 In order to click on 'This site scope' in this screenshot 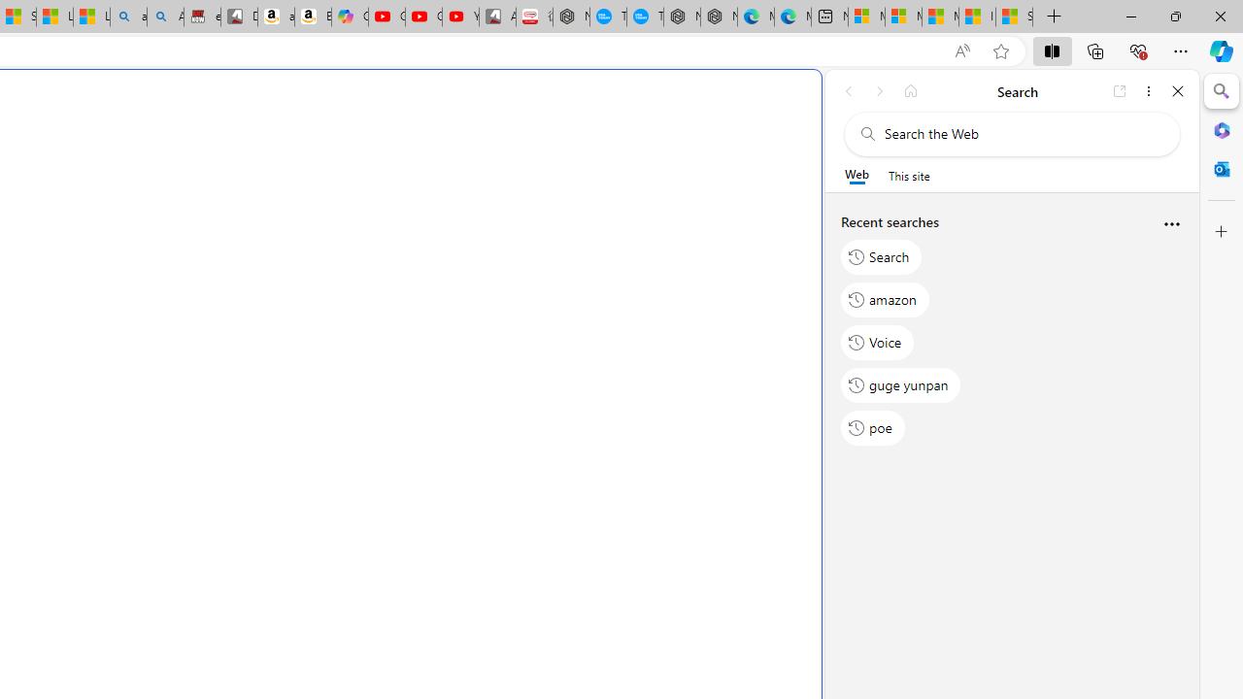, I will do `click(908, 175)`.